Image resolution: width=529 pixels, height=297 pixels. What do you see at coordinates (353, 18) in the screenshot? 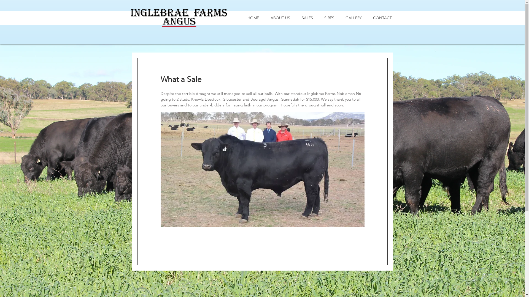
I see `'GALLERY'` at bounding box center [353, 18].